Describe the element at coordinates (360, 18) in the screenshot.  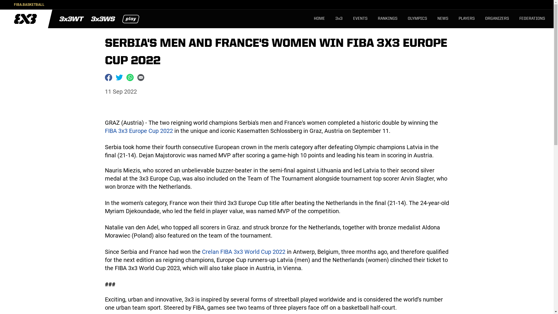
I see `'EVENTS'` at that location.